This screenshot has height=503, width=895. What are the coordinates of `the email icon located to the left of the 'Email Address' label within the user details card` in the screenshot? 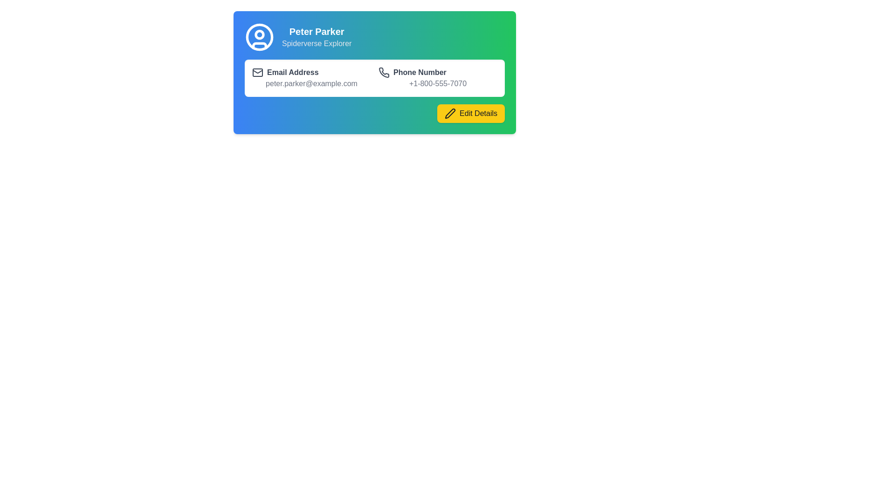 It's located at (257, 72).